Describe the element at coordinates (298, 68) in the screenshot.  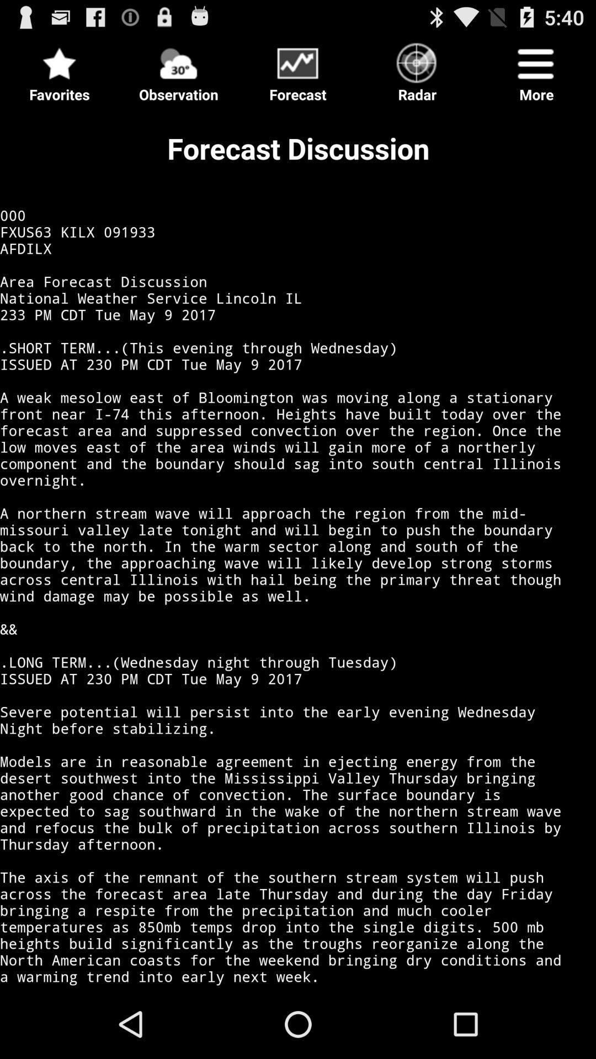
I see `button to the left of radar item` at that location.